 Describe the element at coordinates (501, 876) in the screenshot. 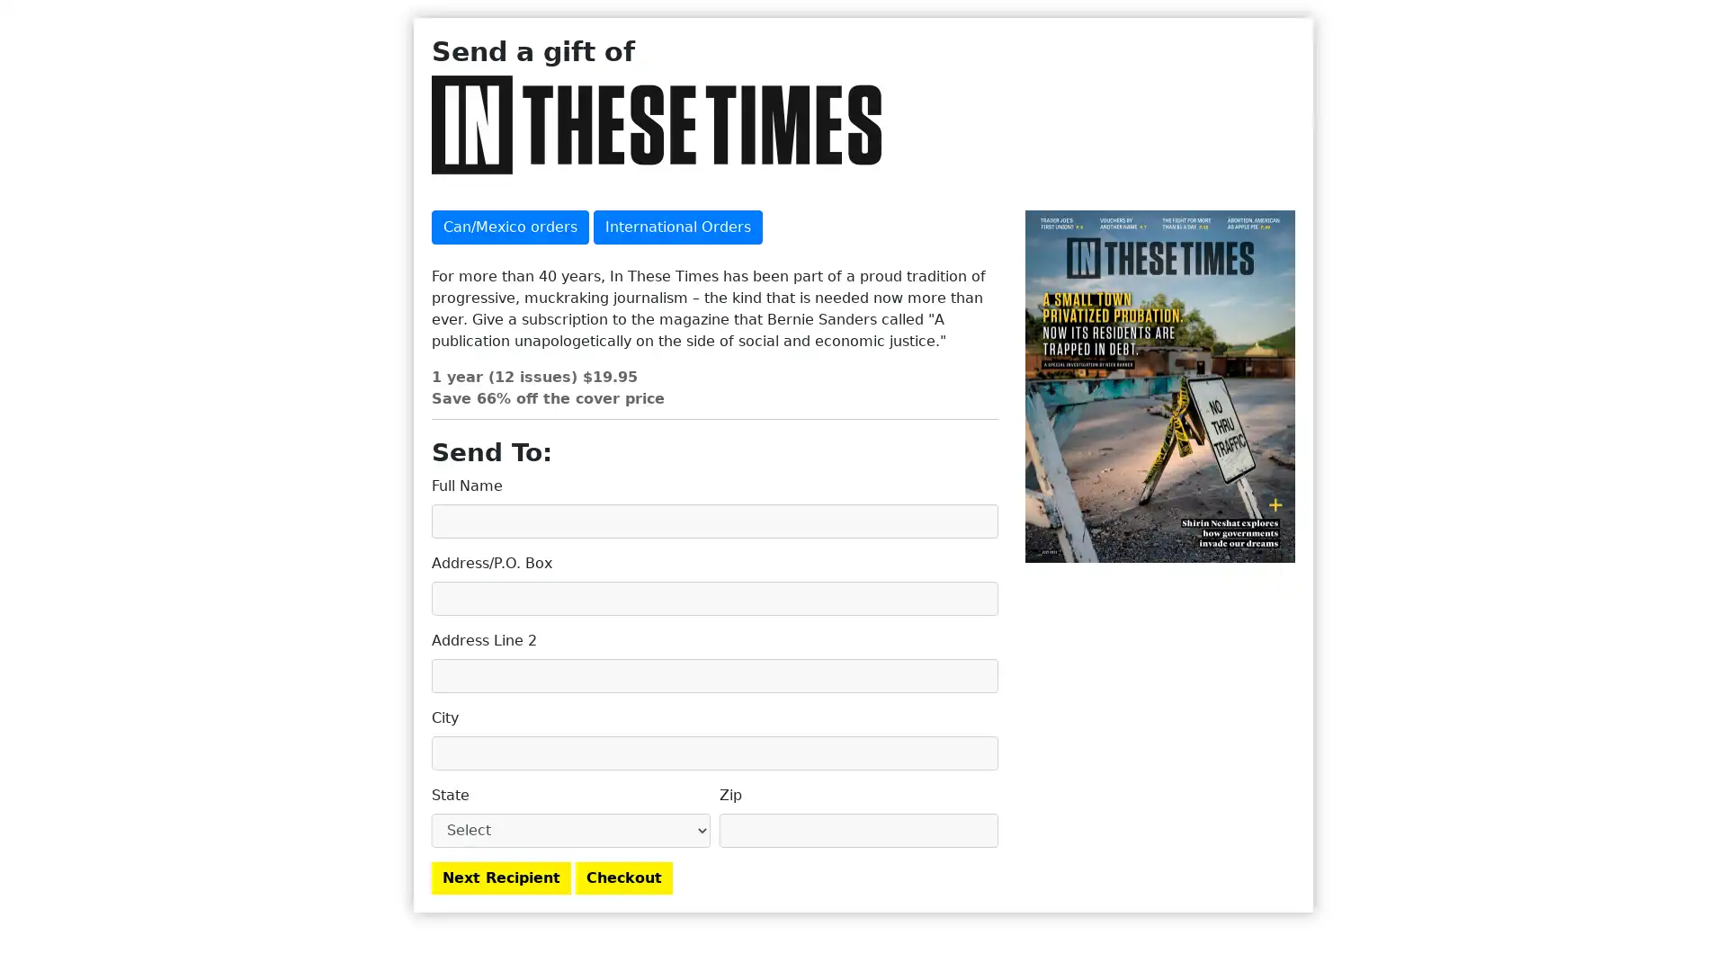

I see `Next Recipient` at that location.